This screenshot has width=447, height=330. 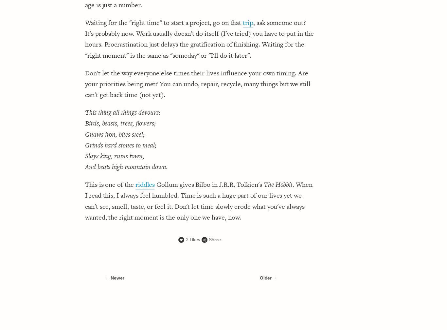 I want to click on 'Waiting for the "right time" to start a project, go on that', so click(x=164, y=22).